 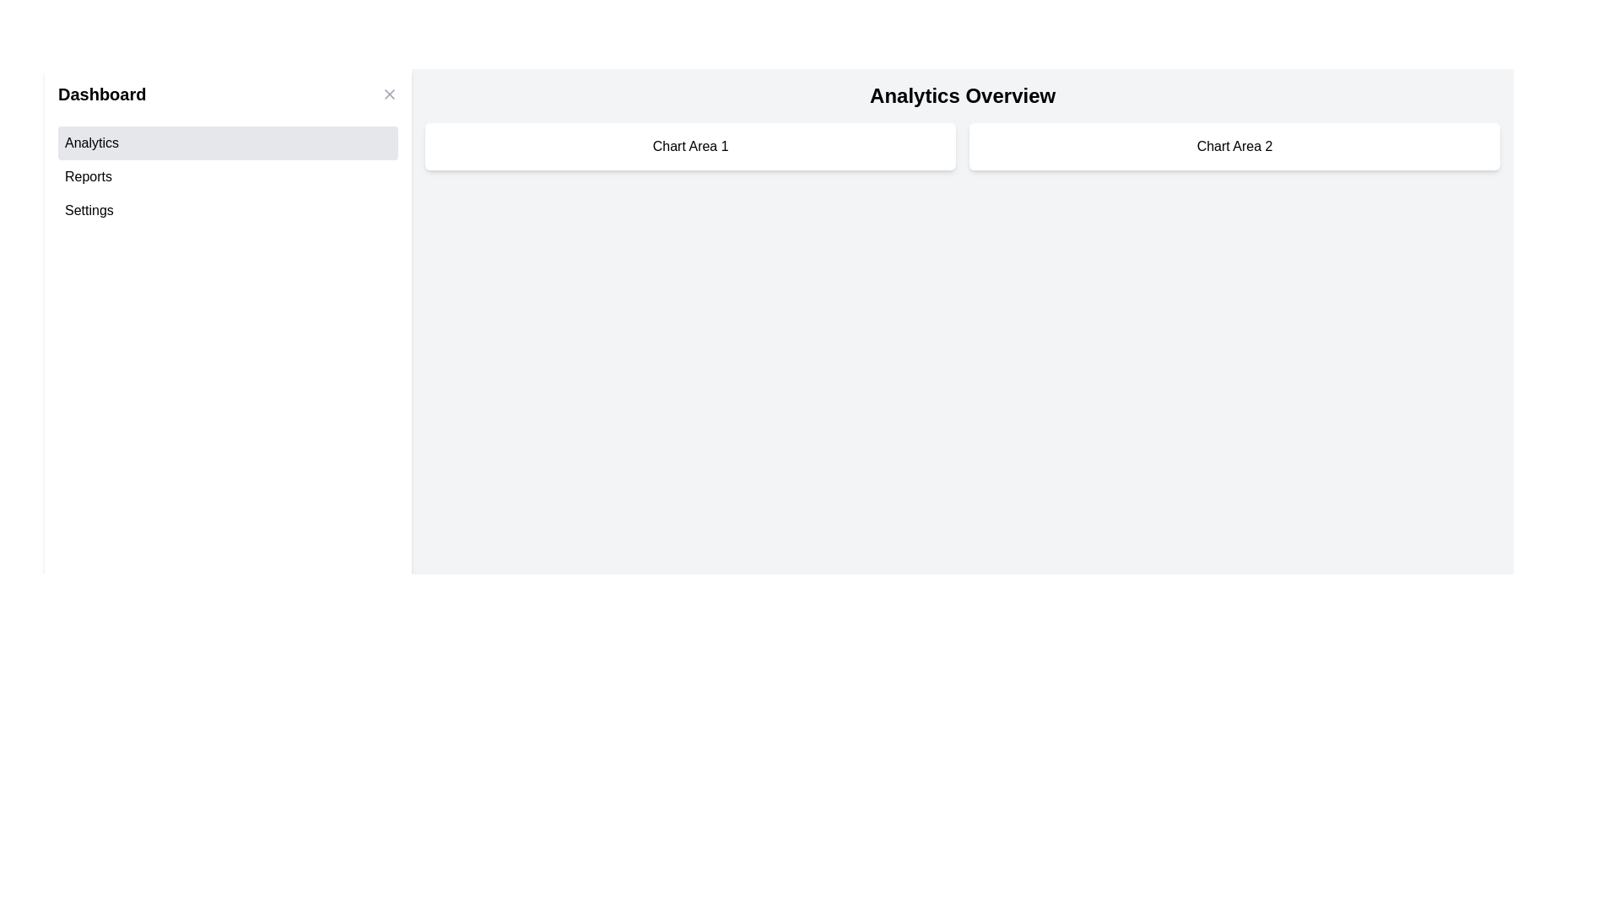 What do you see at coordinates (1234, 145) in the screenshot?
I see `the section header for 'Chart Area 2', located in the top-right portion of the main content area, part of a two-column grid layout, and positioned directly to the right of 'Chart Area 1'` at bounding box center [1234, 145].